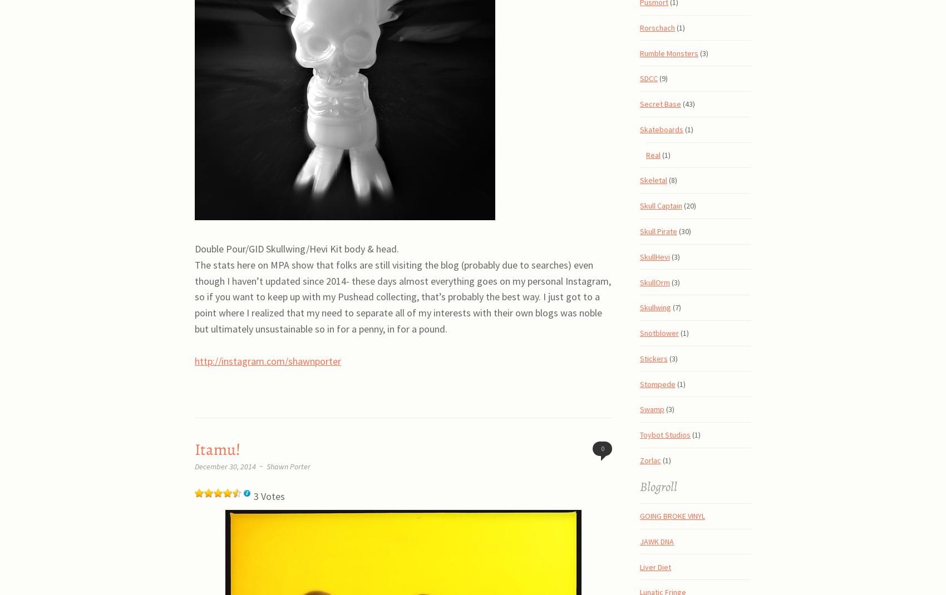 This screenshot has height=595, width=946. What do you see at coordinates (654, 306) in the screenshot?
I see `'Skullwing'` at bounding box center [654, 306].